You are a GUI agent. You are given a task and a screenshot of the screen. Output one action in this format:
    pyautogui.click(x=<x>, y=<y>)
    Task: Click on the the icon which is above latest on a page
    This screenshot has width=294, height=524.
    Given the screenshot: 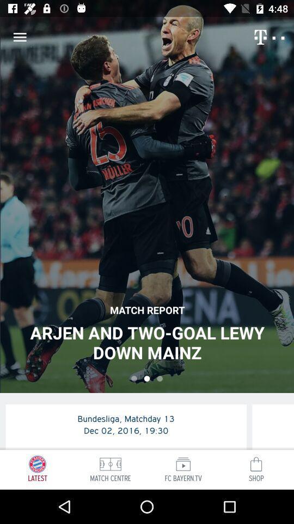 What is the action you would take?
    pyautogui.click(x=37, y=463)
    